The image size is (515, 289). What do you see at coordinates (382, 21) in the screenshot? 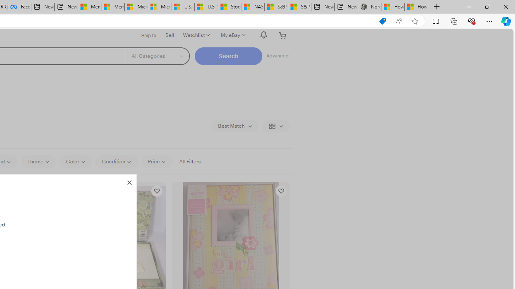
I see `'This site has coupons! Shopping in Microsoft Edge'` at bounding box center [382, 21].